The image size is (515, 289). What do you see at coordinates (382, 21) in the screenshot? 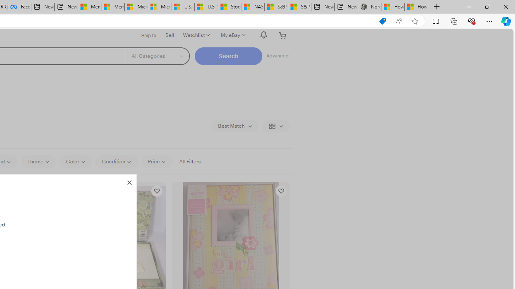
I see `'This site has coupons! Shopping in Microsoft Edge'` at bounding box center [382, 21].